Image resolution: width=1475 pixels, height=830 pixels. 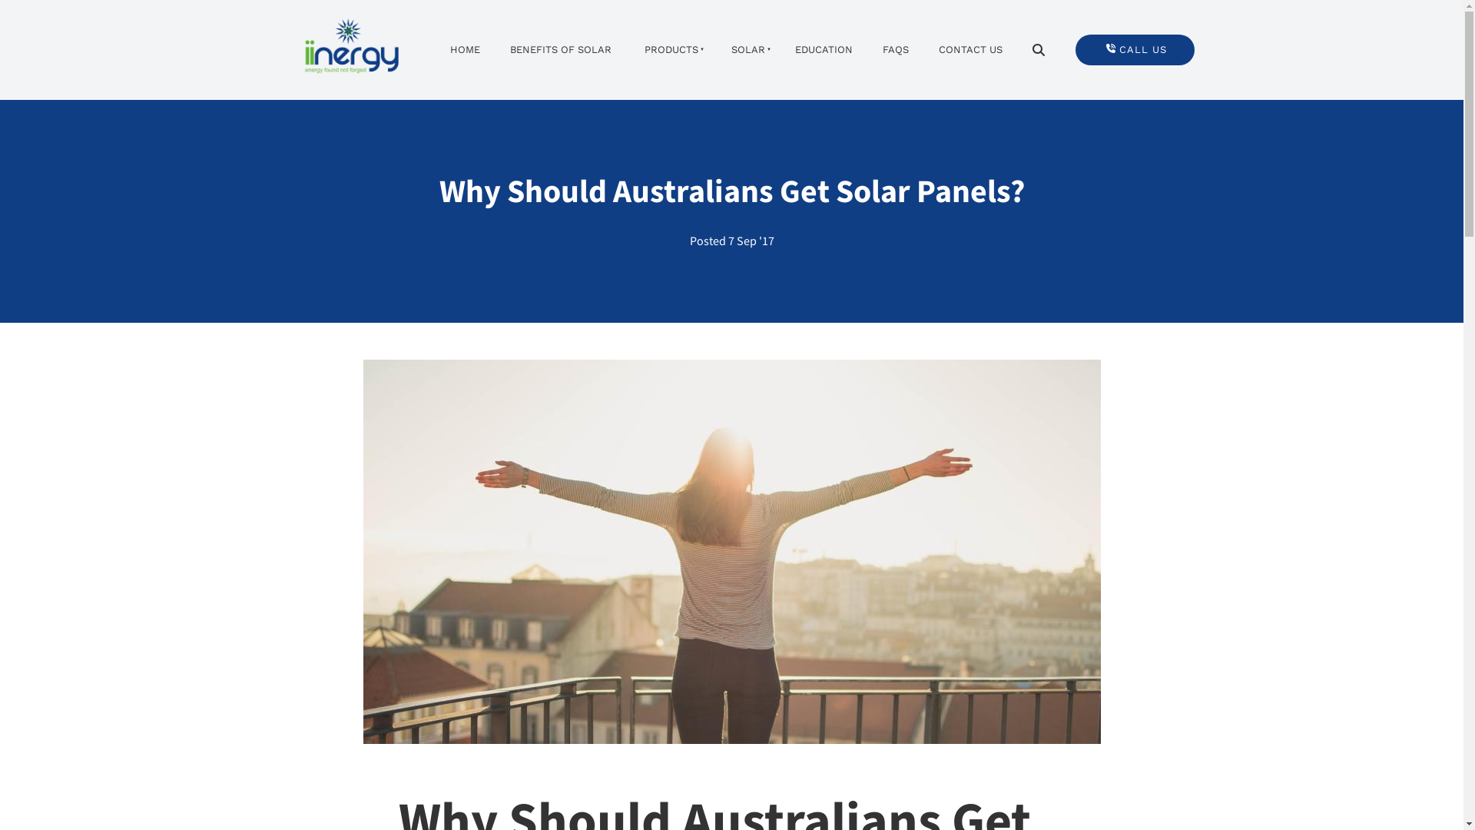 What do you see at coordinates (1075, 49) in the screenshot?
I see `'CALL US'` at bounding box center [1075, 49].